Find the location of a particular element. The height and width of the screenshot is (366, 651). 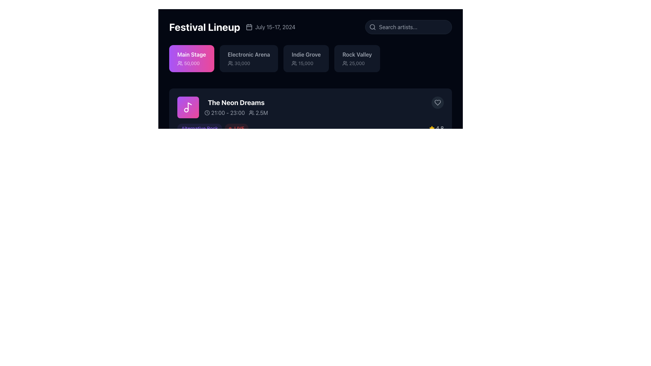

the calendar icon located at the top bar, to the left of the text 'July 15-17, 2024' is located at coordinates (249, 27).